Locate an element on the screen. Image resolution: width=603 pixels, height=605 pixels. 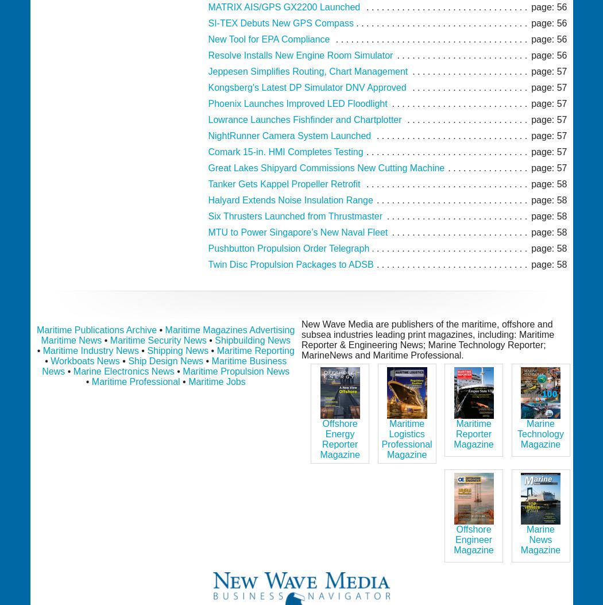
'Maritime Jobs' is located at coordinates (188, 381).